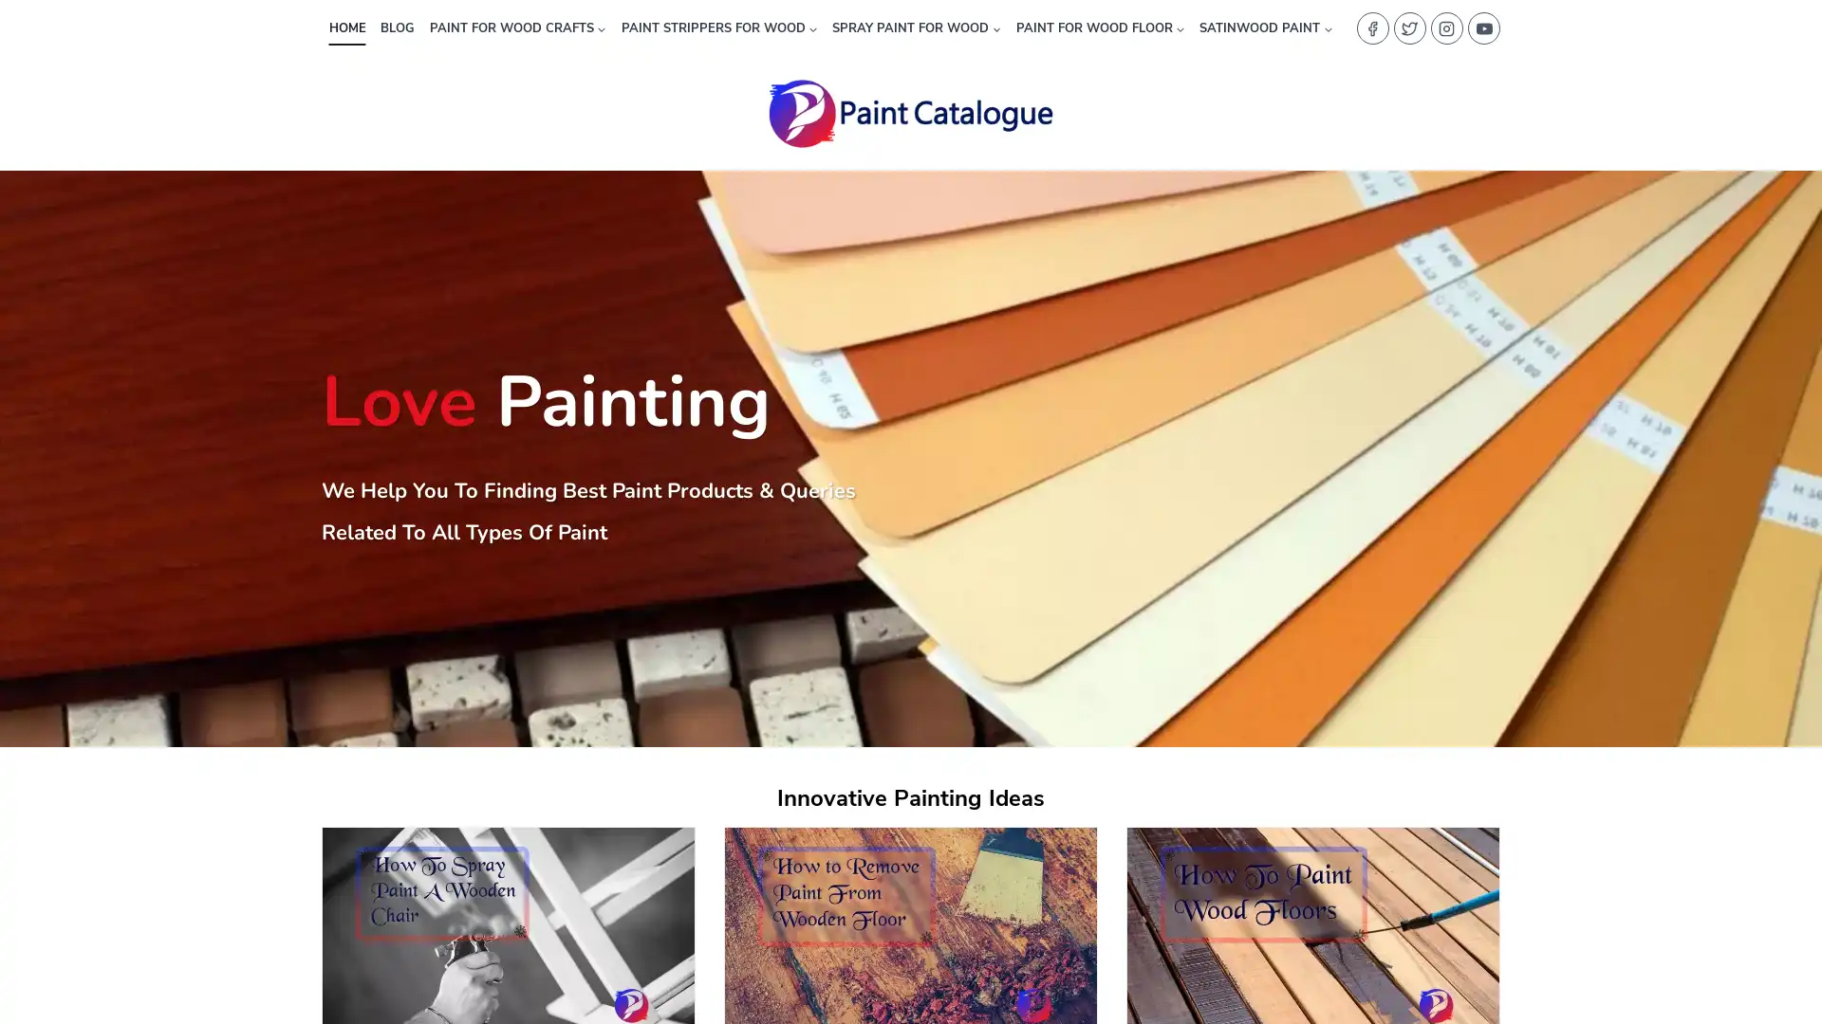 The image size is (1822, 1024). I want to click on Expand child menu, so click(717, 27).